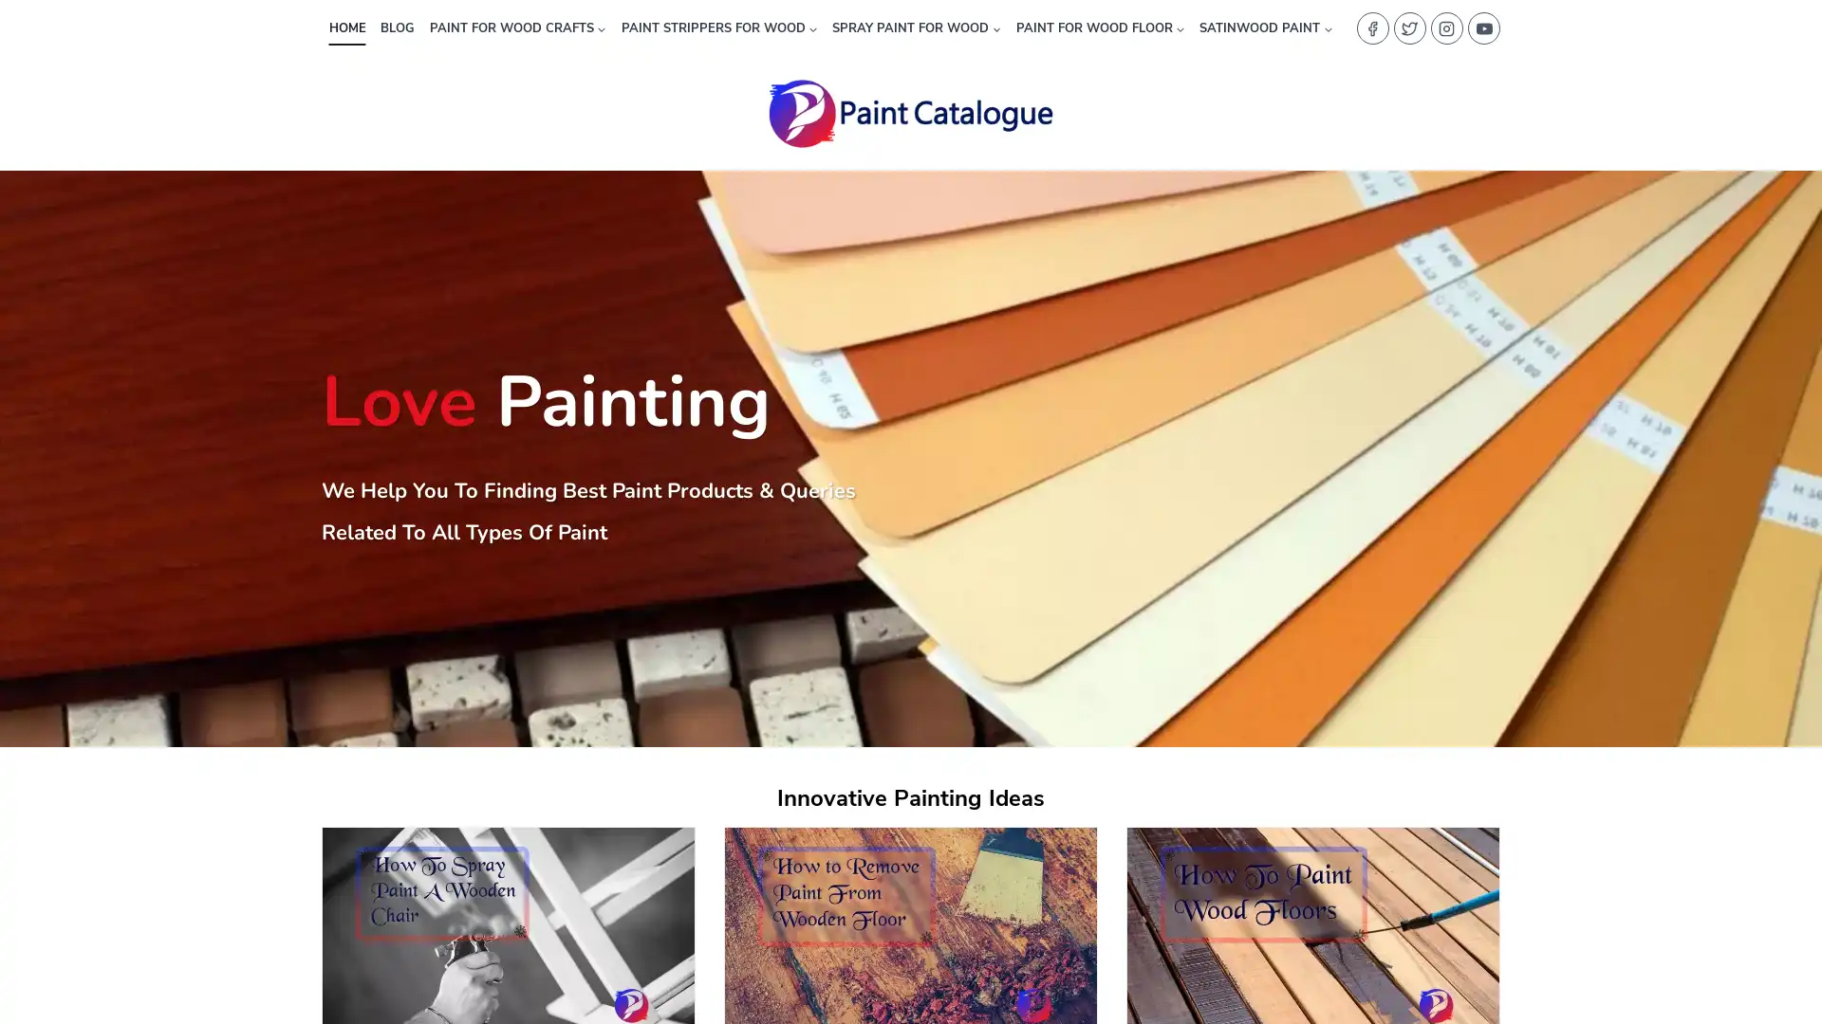 The image size is (1822, 1024). I want to click on Expand child menu, so click(717, 27).